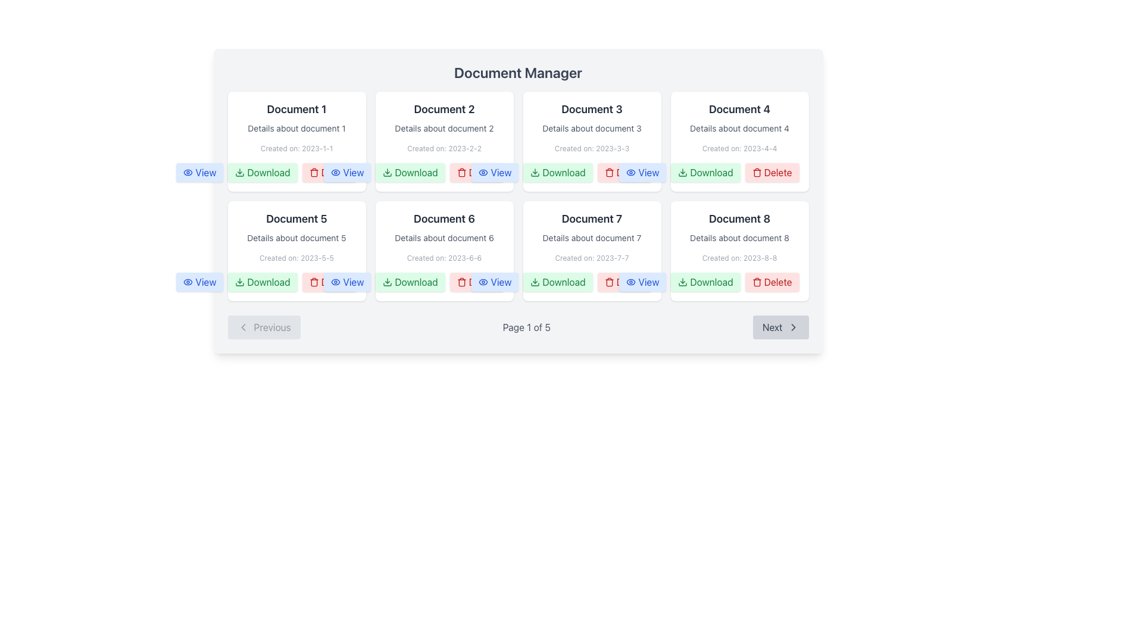 Image resolution: width=1143 pixels, height=643 pixels. I want to click on the 'Previous' button with a light gray background and left-pointing chevron icon, so click(263, 327).